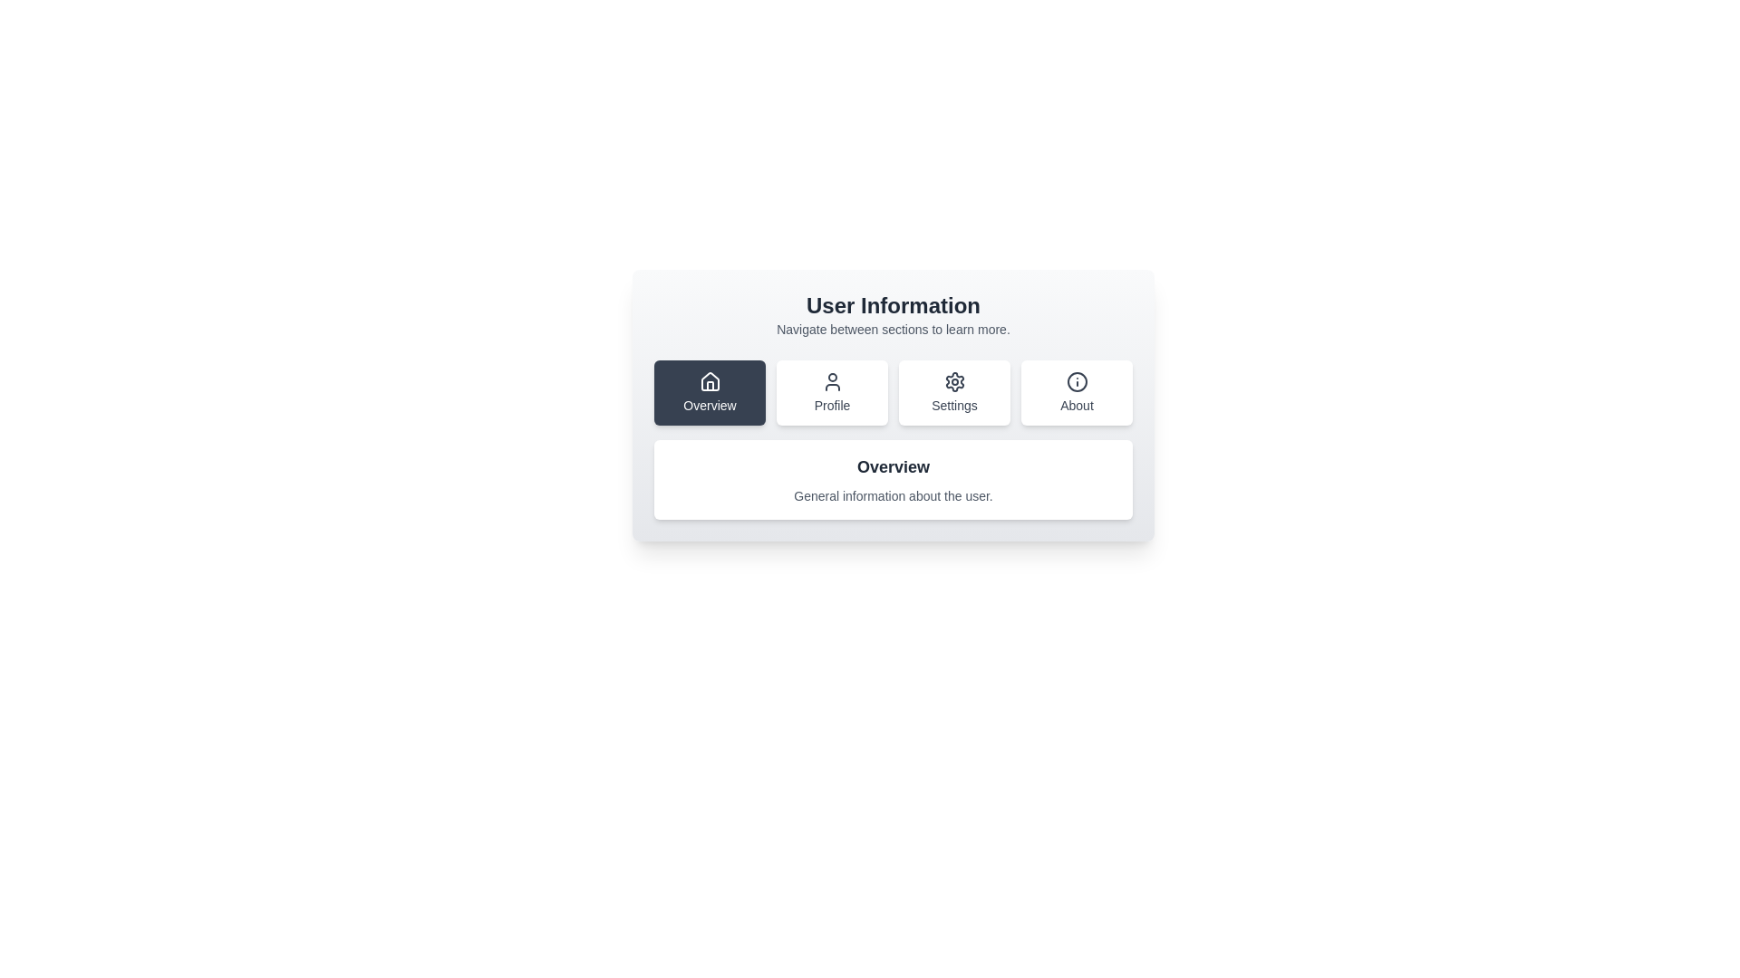  I want to click on the 'Settings' text label located below the settings icon within the third button from the left in the second row of the interface, so click(953, 404).